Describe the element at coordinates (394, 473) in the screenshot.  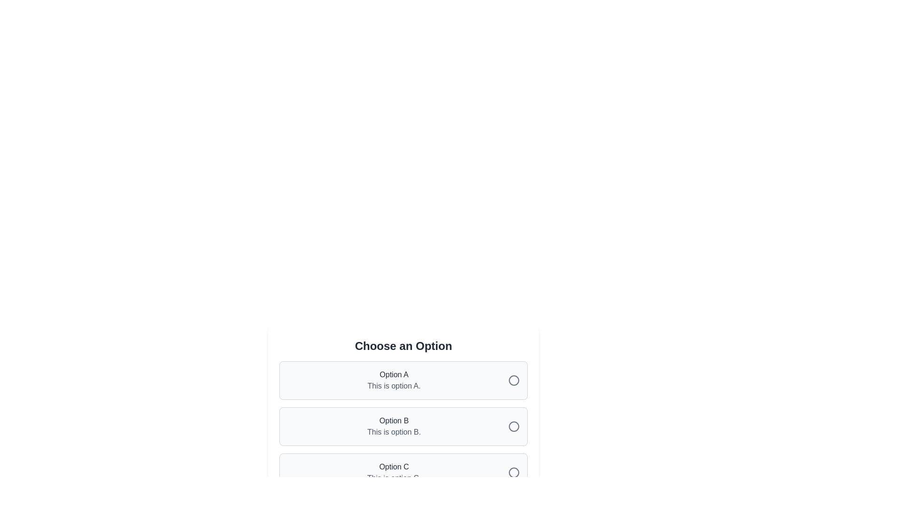
I see `the third option element in the selection interface, which is a Text Label providing information and allowing selection` at that location.